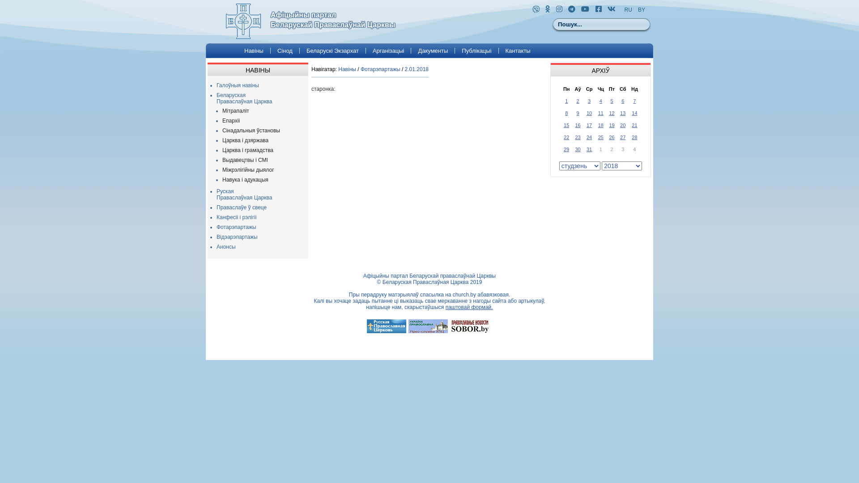  Describe the element at coordinates (621, 101) in the screenshot. I see `'6'` at that location.